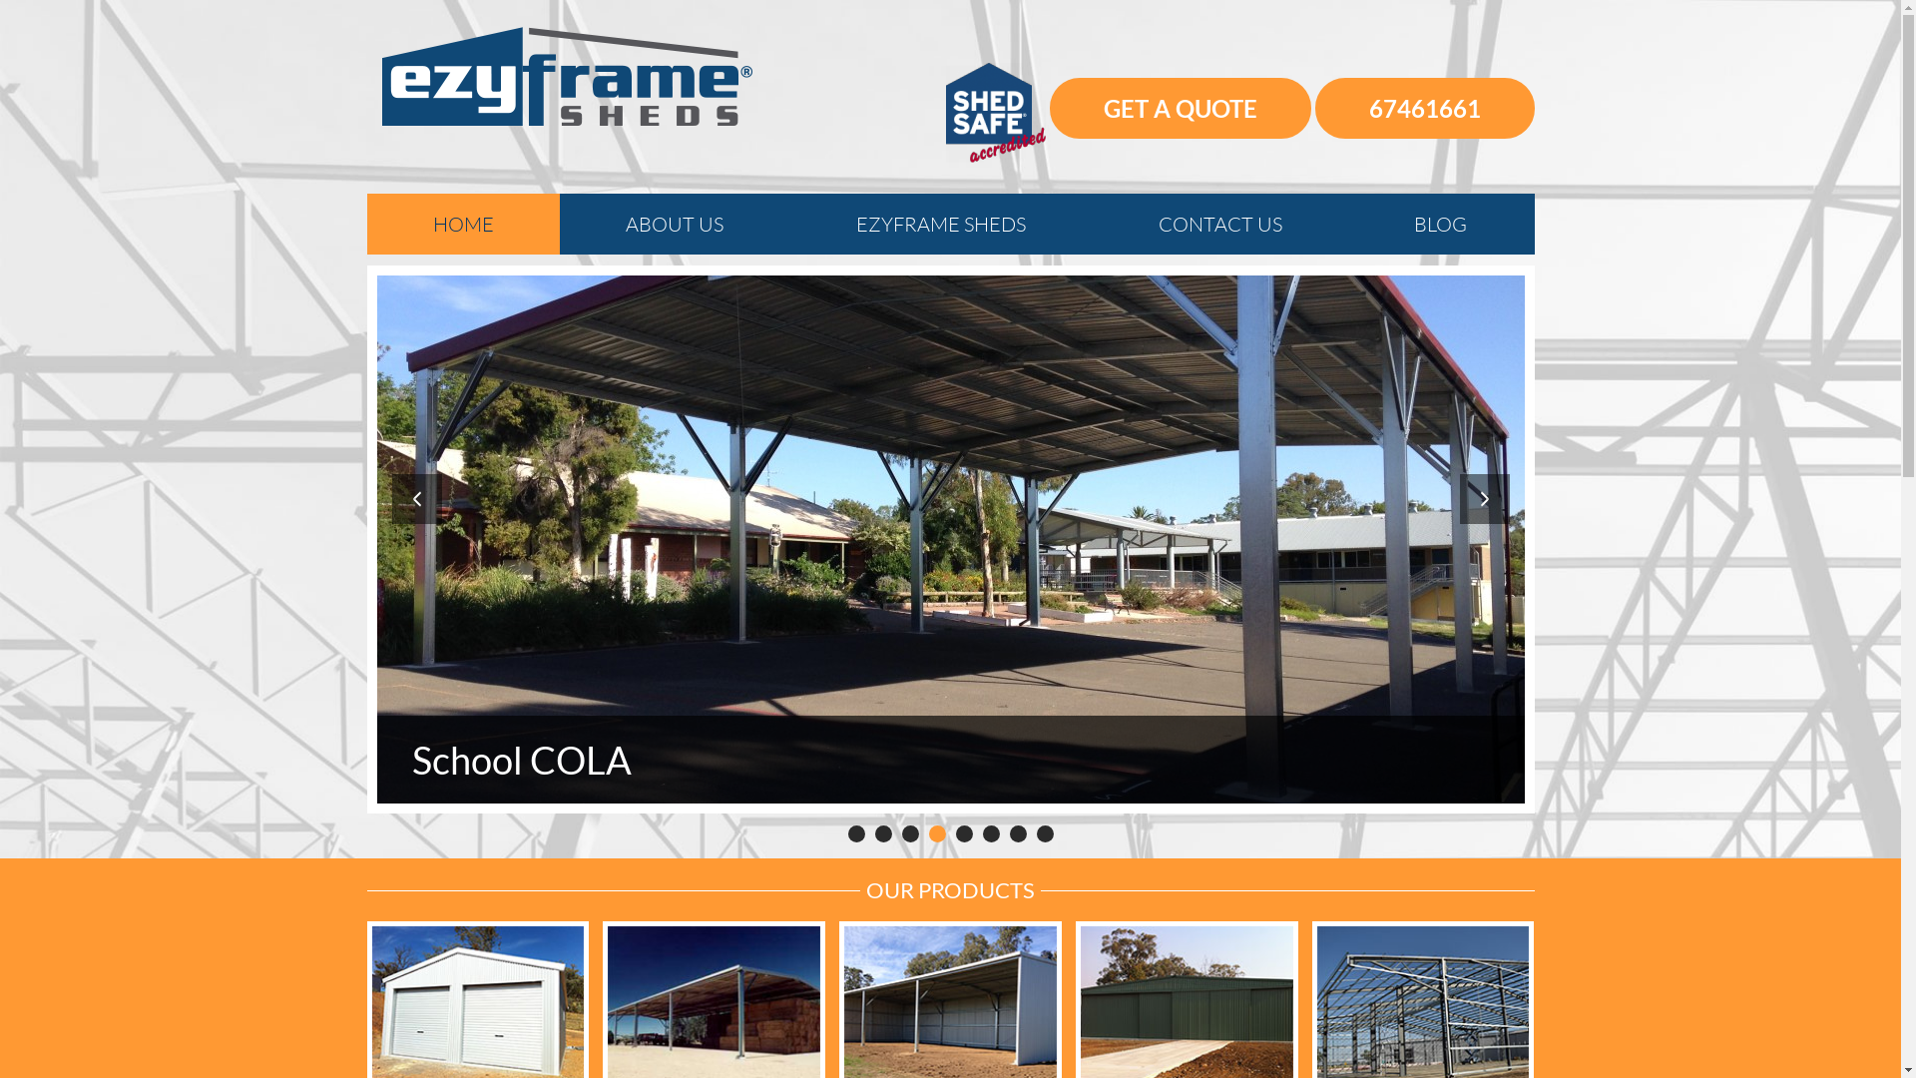  I want to click on '67461661', so click(1423, 108).